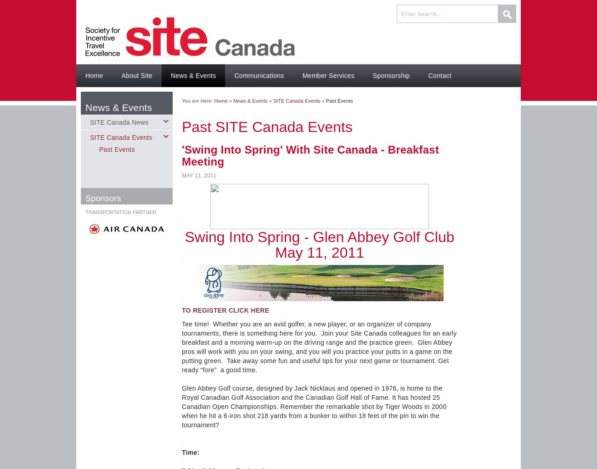 The height and width of the screenshot is (469, 597). I want to click on 'TO REGISTER CLICK HERE', so click(181, 310).